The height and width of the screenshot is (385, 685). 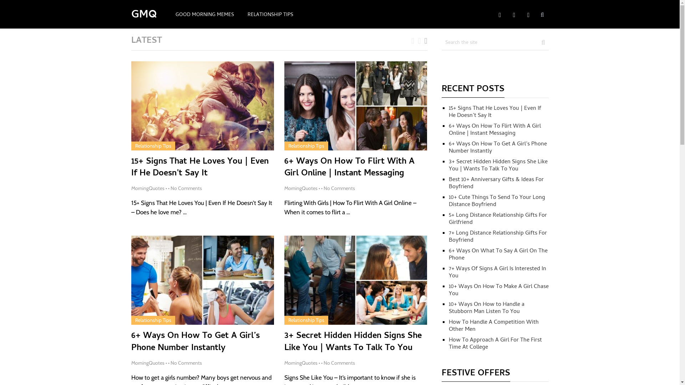 I want to click on 'No Comments', so click(x=323, y=188).